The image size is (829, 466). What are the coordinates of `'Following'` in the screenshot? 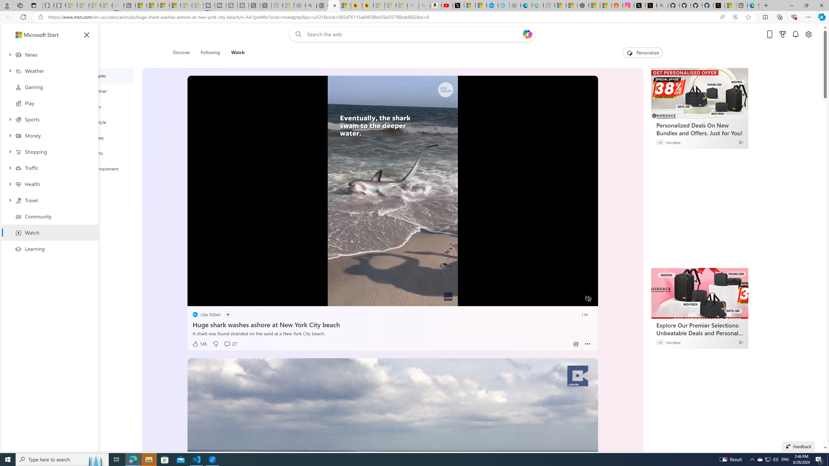 It's located at (211, 52).